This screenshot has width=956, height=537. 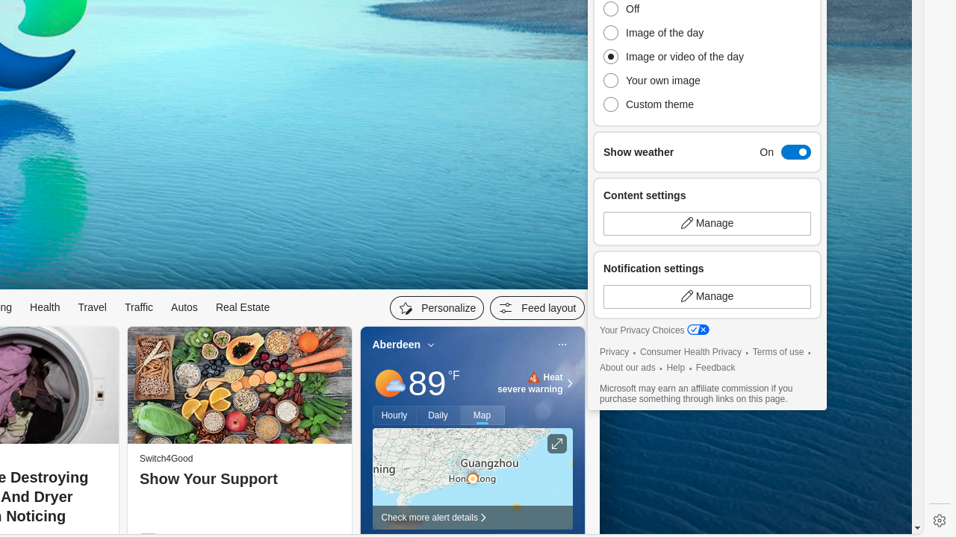 What do you see at coordinates (561, 345) in the screenshot?
I see `'More options'` at bounding box center [561, 345].